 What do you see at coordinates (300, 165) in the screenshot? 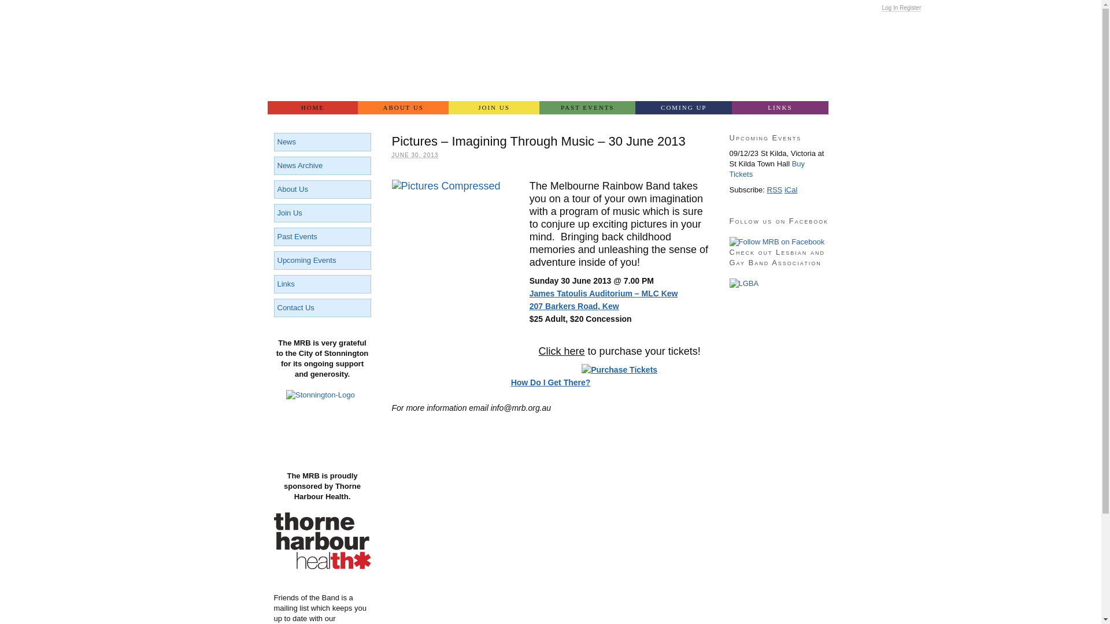
I see `'News Archive'` at bounding box center [300, 165].